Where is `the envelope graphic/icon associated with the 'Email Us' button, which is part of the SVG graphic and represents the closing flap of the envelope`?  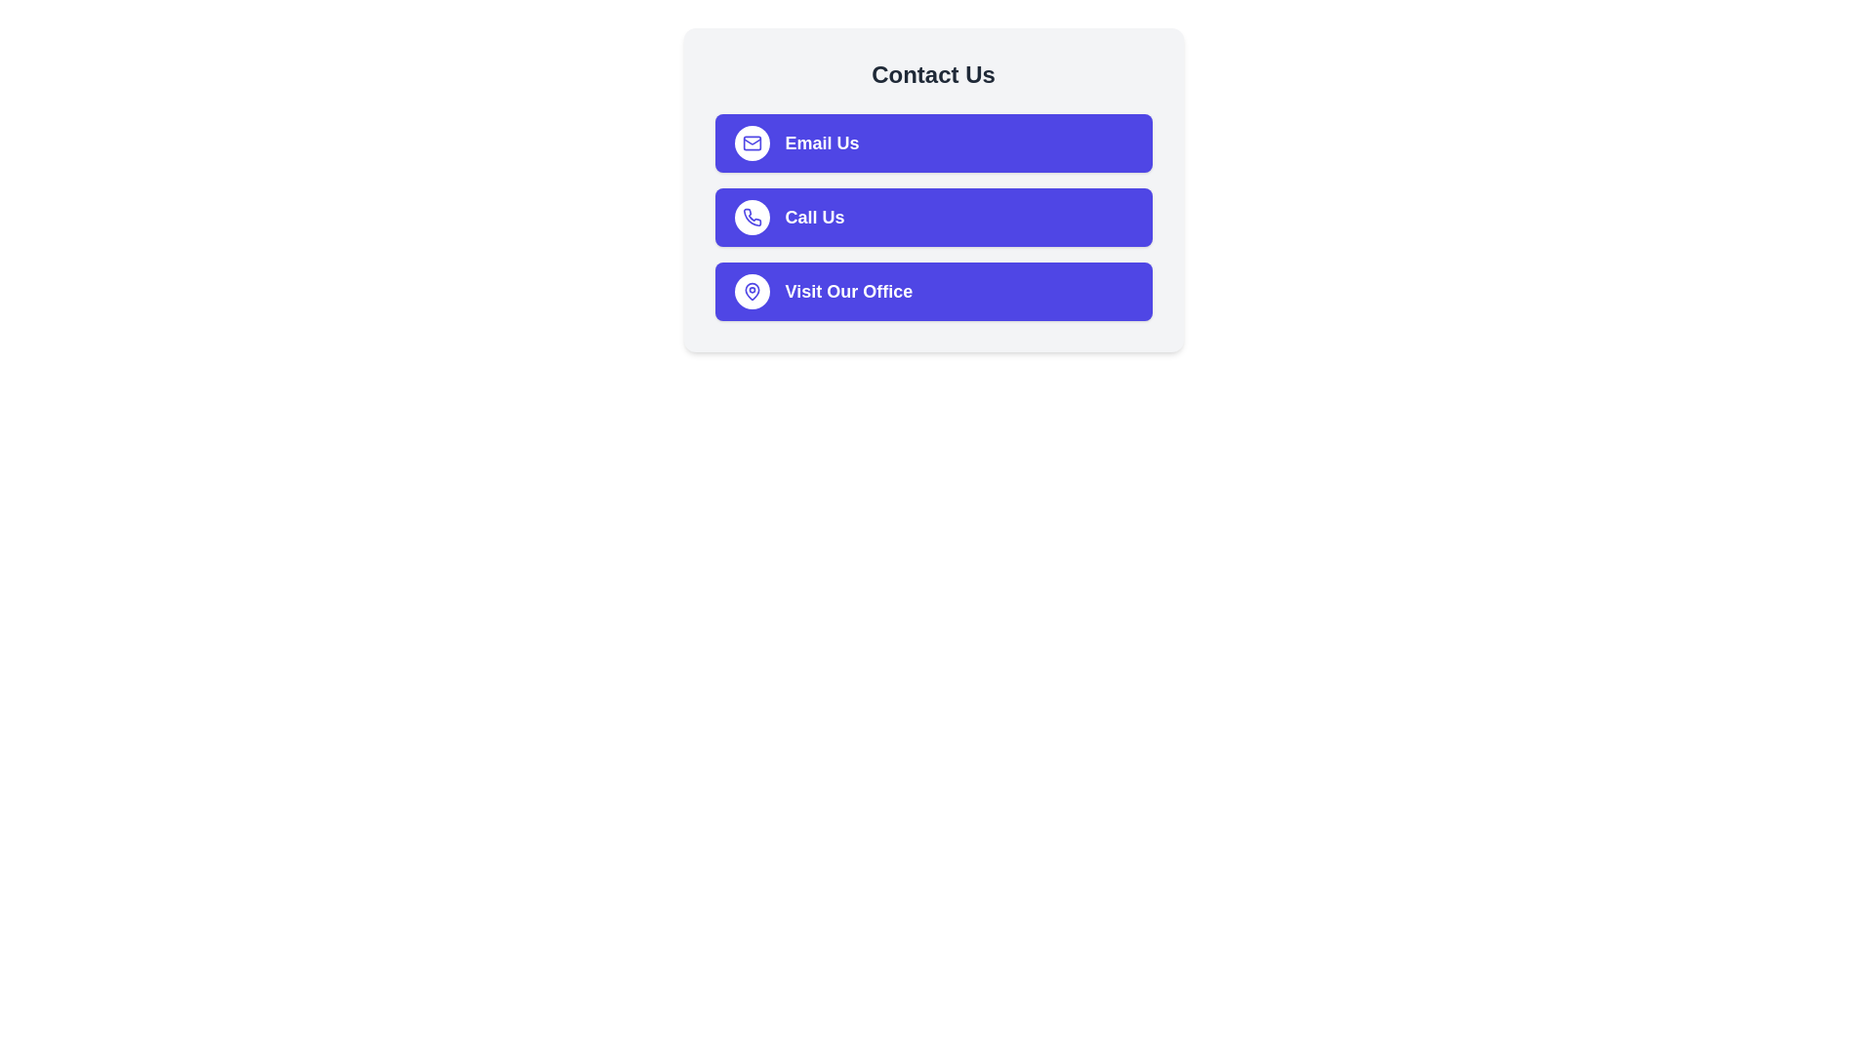
the envelope graphic/icon associated with the 'Email Us' button, which is part of the SVG graphic and represents the closing flap of the envelope is located at coordinates (751, 141).